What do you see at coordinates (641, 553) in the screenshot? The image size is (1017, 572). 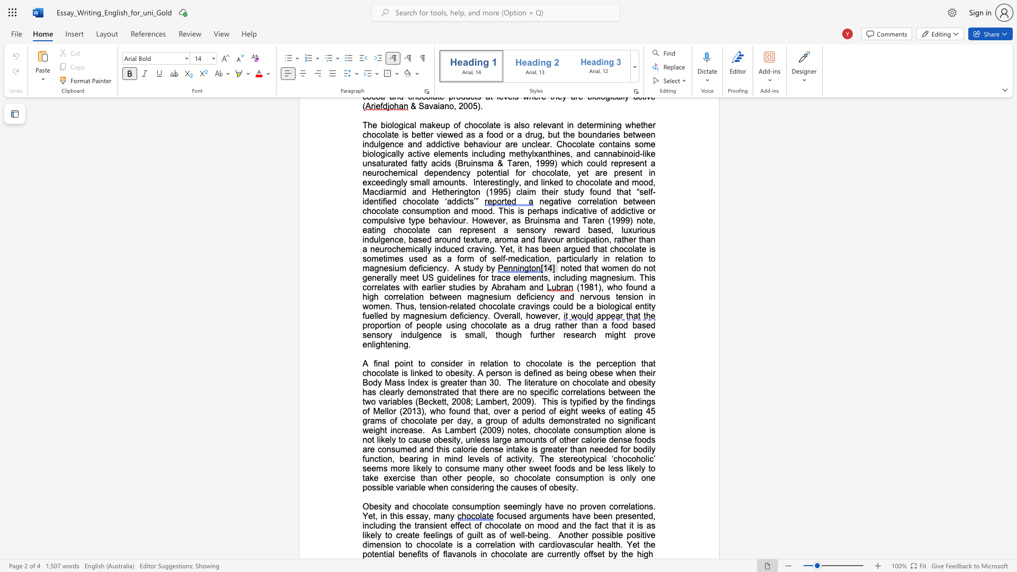 I see `the subset text "igh" within the text "Another possible positive dimension to chocolate is a correlation with cardiovascular health. Yet the potential benefits of flavanols in chocolate are currently offset by the high"` at bounding box center [641, 553].